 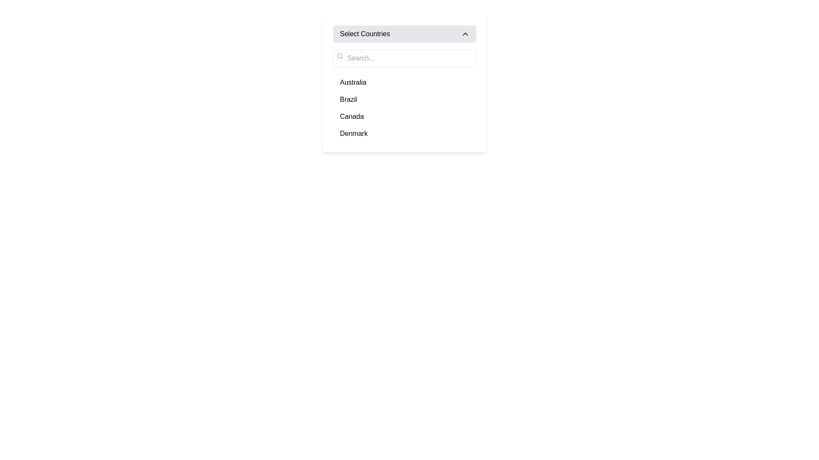 I want to click on the fourth menu item labeled 'Denmark', so click(x=404, y=133).